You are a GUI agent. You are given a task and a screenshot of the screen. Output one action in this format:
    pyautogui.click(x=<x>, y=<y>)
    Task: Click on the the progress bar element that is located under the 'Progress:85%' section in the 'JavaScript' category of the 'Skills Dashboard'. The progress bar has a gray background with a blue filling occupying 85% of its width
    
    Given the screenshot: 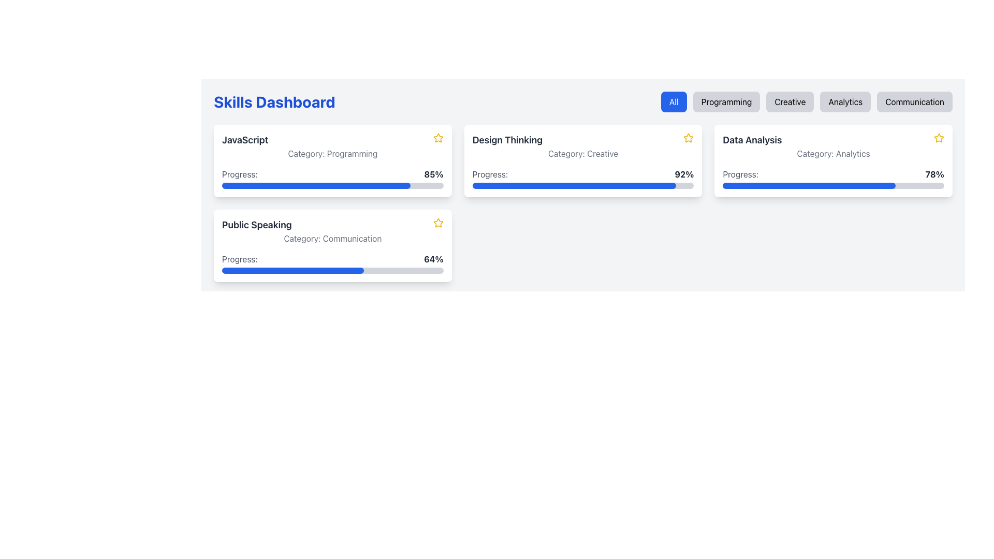 What is the action you would take?
    pyautogui.click(x=332, y=185)
    